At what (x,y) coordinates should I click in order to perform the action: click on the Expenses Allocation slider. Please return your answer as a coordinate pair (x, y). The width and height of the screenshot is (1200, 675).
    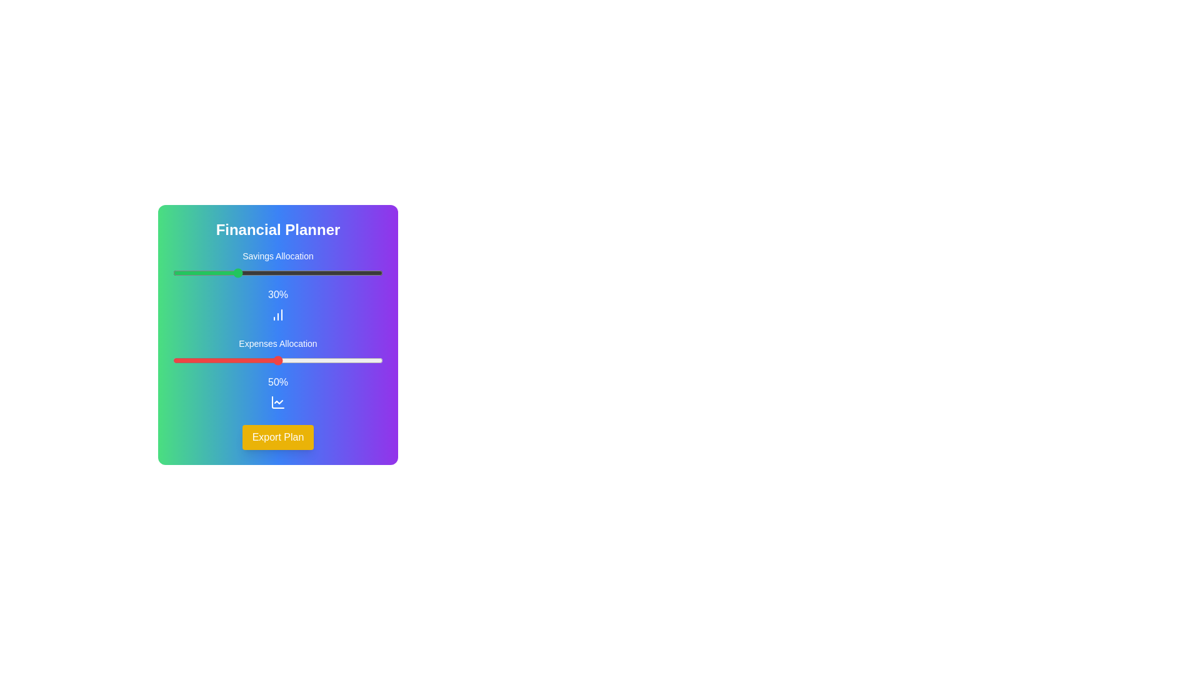
    Looking at the image, I should click on (254, 361).